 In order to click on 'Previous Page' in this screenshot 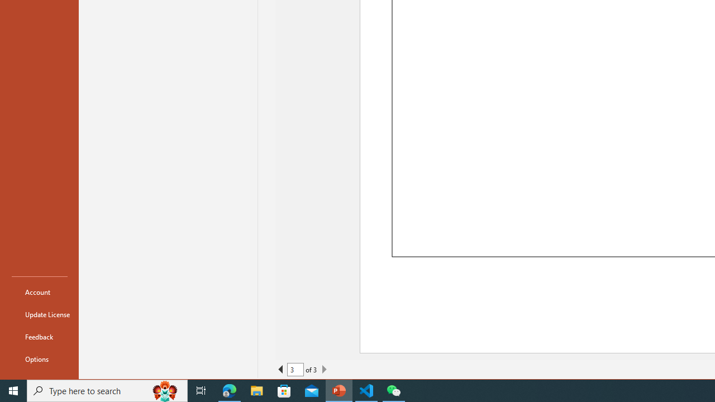, I will do `click(281, 370)`.